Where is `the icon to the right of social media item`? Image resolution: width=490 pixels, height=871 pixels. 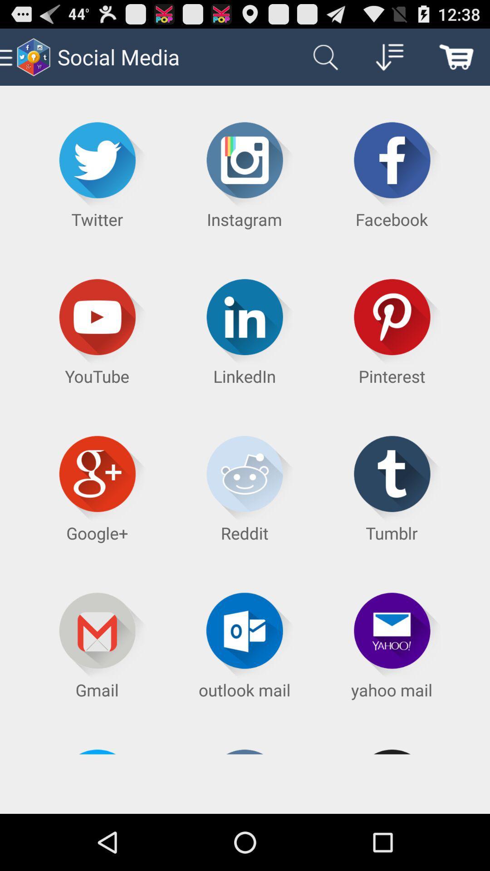
the icon to the right of social media item is located at coordinates (323, 56).